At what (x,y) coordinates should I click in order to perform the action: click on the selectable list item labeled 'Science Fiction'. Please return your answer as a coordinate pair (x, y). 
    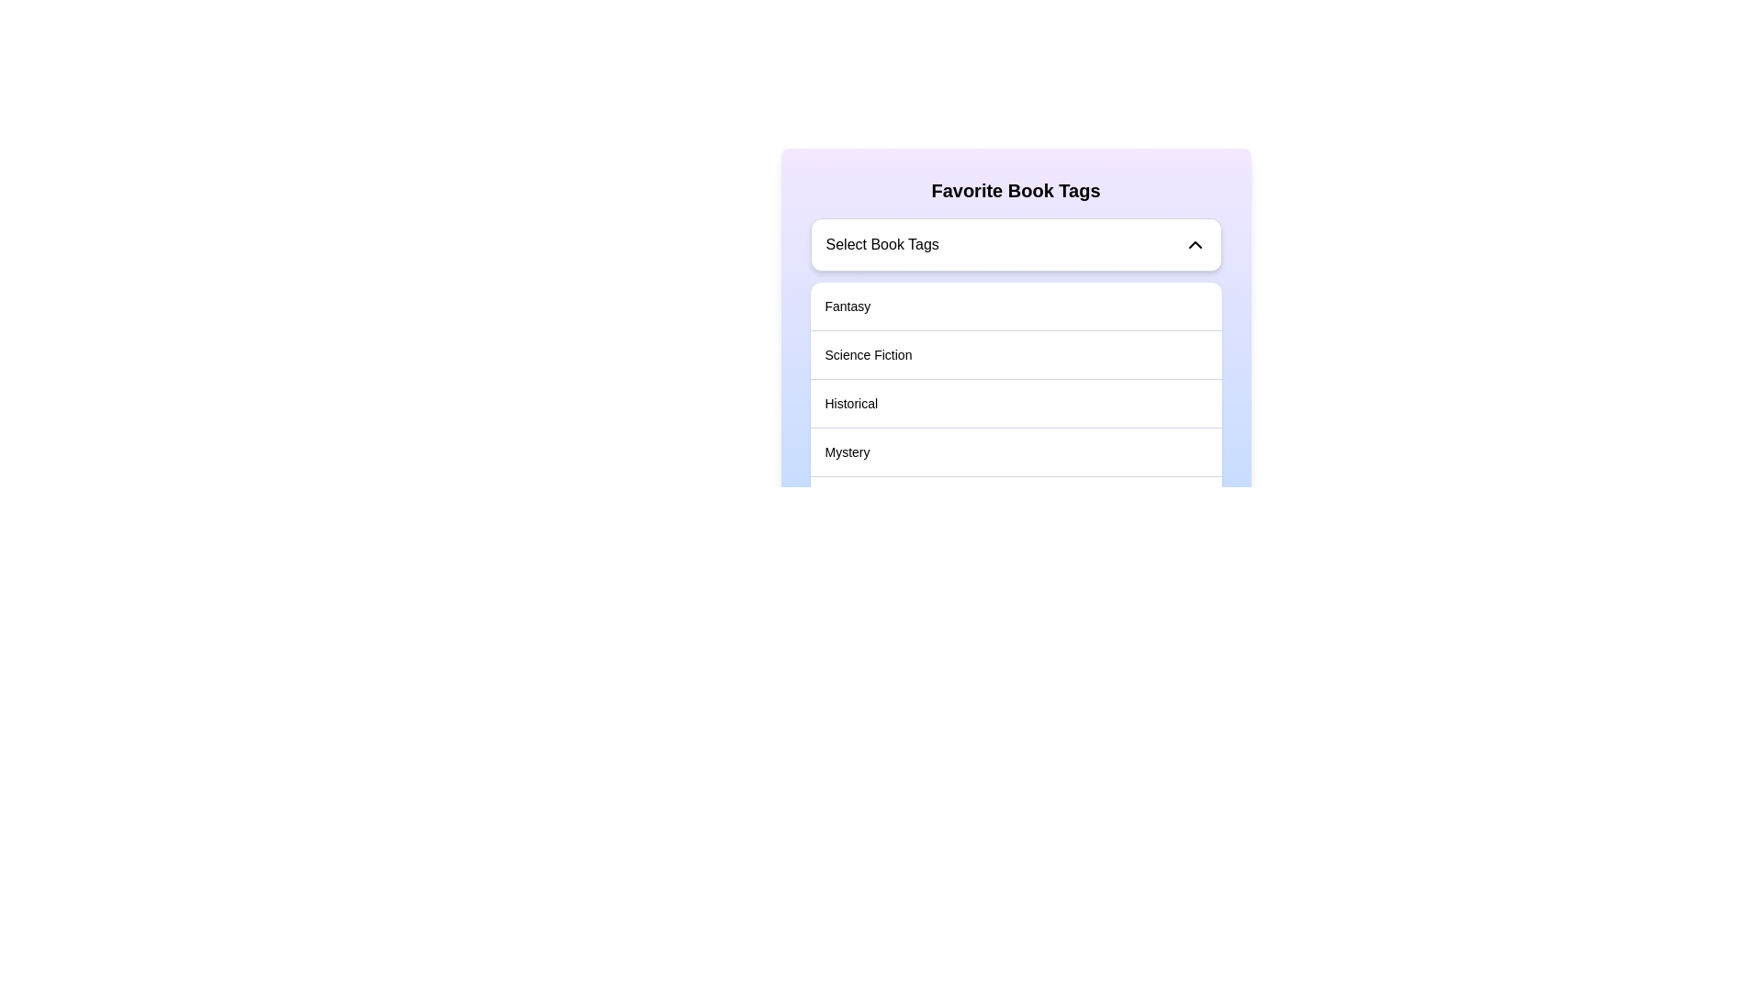
    Looking at the image, I should click on (1015, 351).